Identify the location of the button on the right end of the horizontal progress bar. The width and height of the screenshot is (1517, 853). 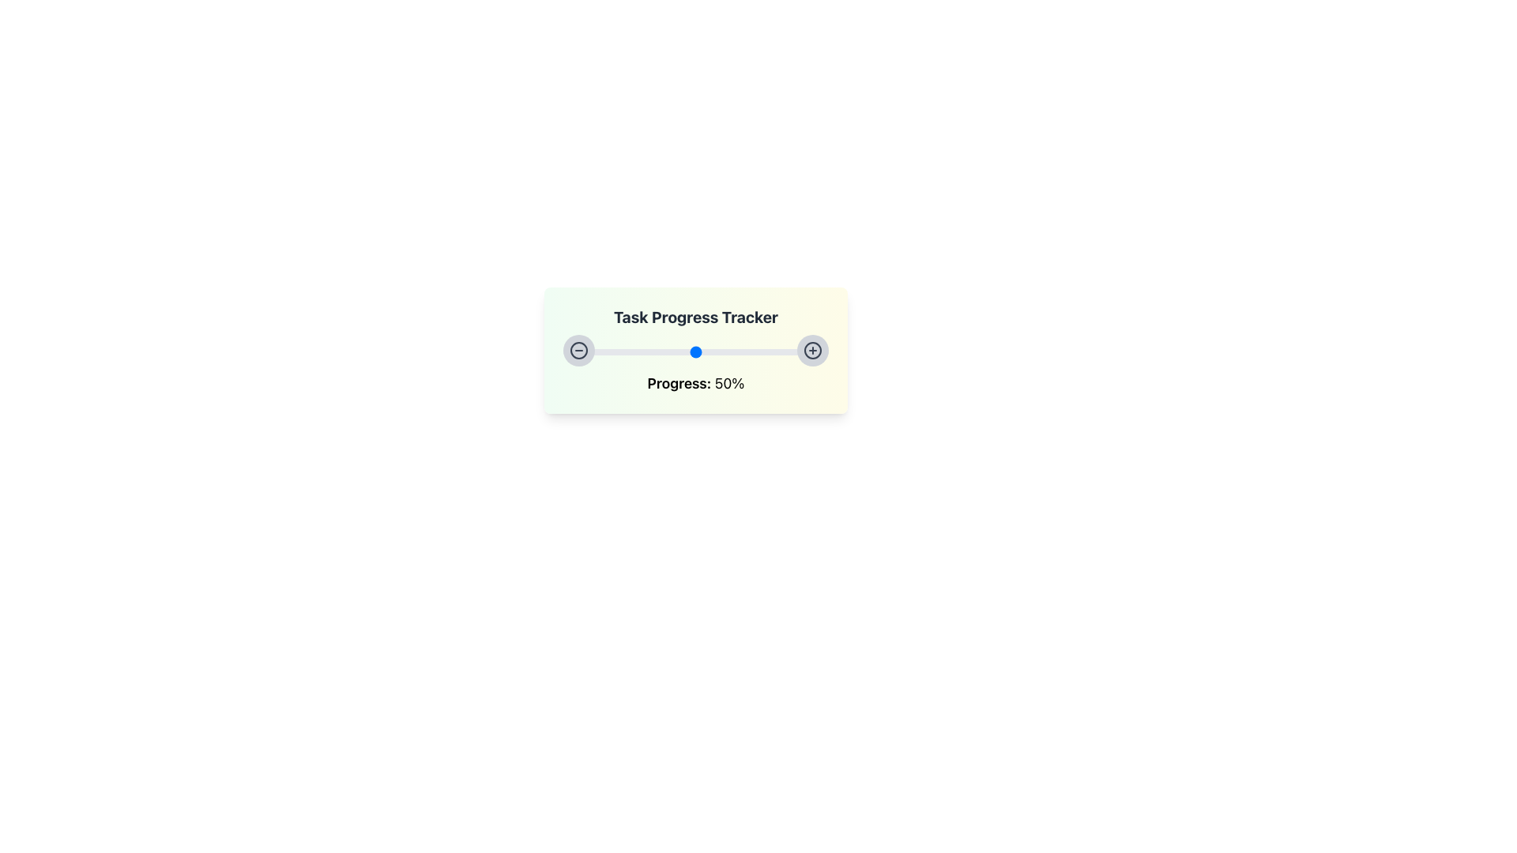
(812, 349).